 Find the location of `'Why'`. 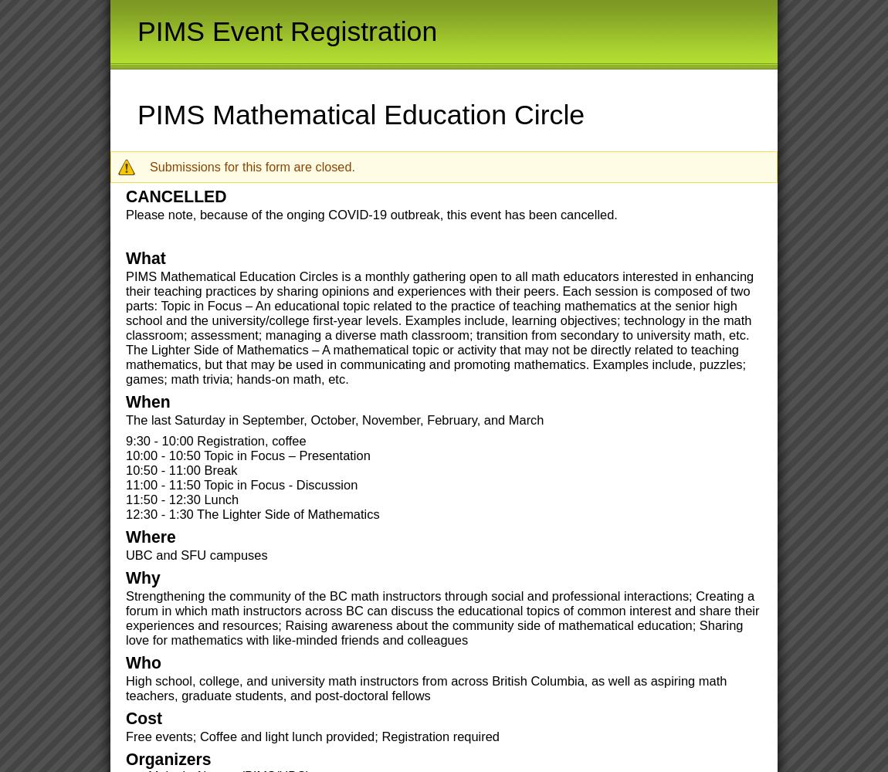

'Why' is located at coordinates (142, 577).